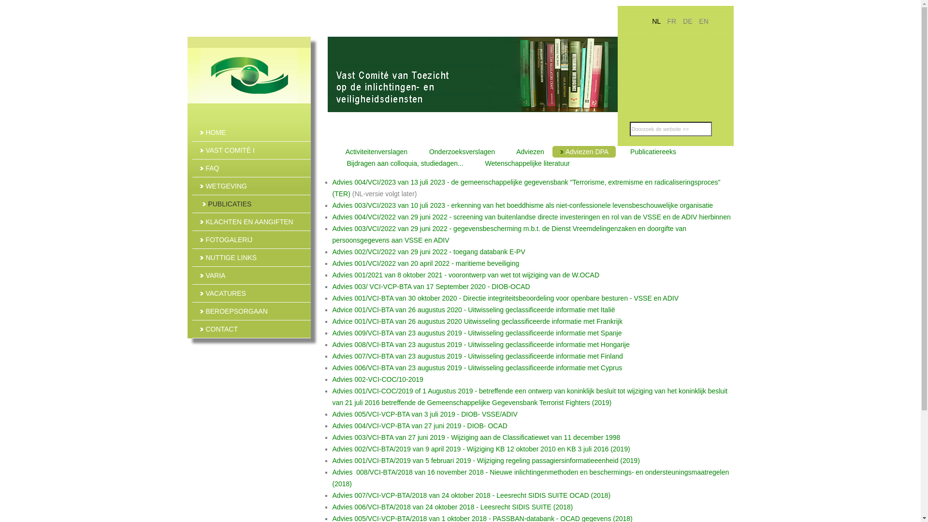  I want to click on 'Advies 002/VCI/2022 van 29 juni 2022 - toegang databank E-PV', so click(428, 251).